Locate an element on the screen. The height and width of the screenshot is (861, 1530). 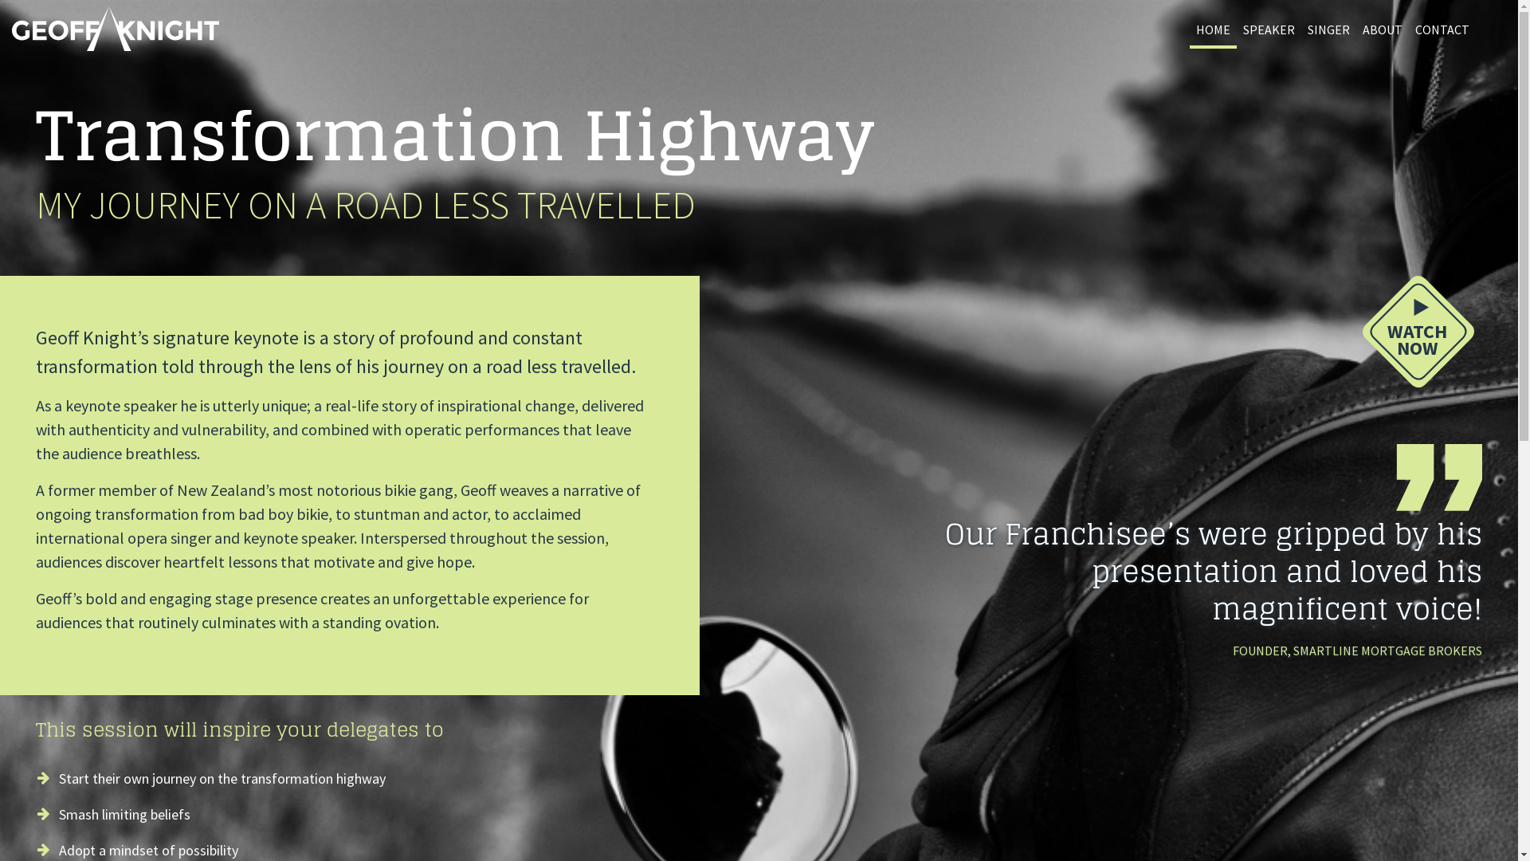
'SPEAKER' is located at coordinates (1235, 30).